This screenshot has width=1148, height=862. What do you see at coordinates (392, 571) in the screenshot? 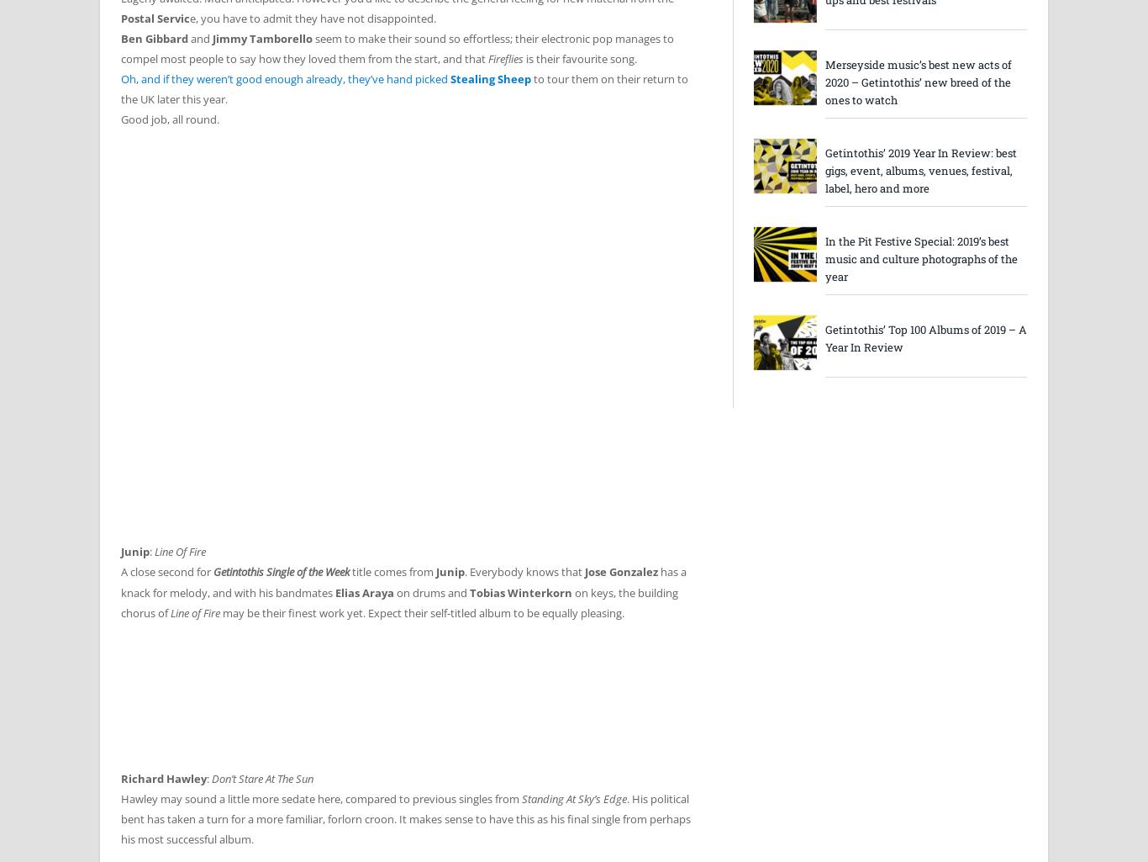
I see `'title comes from'` at bounding box center [392, 571].